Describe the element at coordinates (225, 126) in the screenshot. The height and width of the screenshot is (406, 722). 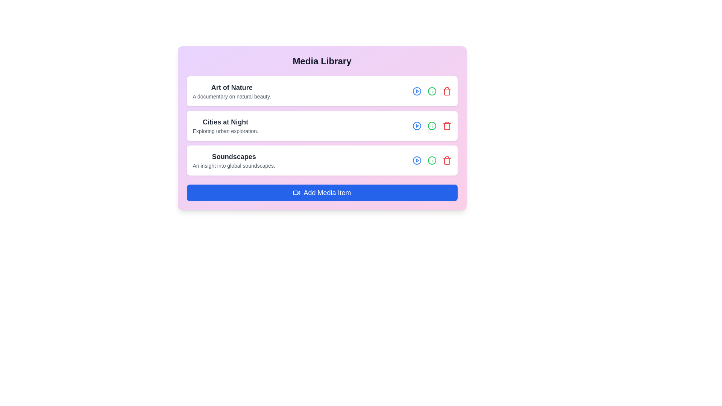
I see `the text of the media item Cities at Night` at that location.